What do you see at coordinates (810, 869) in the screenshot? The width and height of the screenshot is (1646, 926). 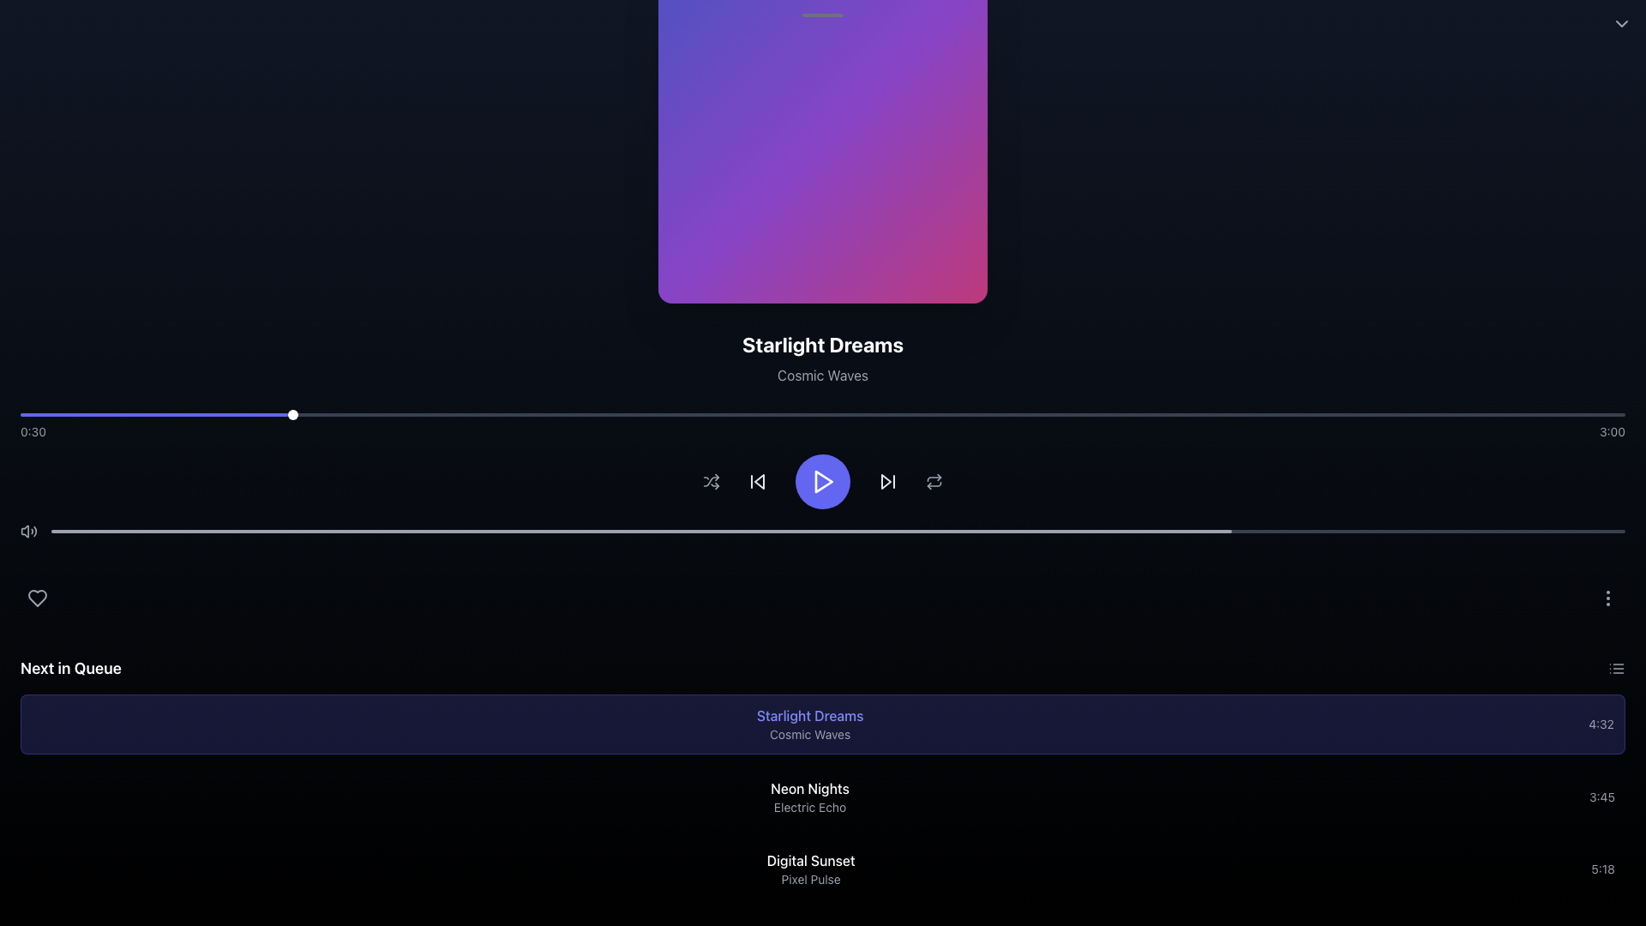 I see `the Text Display Component that shows 'Digital Sunset' and 'Pixel Pulse' with a black background` at bounding box center [810, 869].